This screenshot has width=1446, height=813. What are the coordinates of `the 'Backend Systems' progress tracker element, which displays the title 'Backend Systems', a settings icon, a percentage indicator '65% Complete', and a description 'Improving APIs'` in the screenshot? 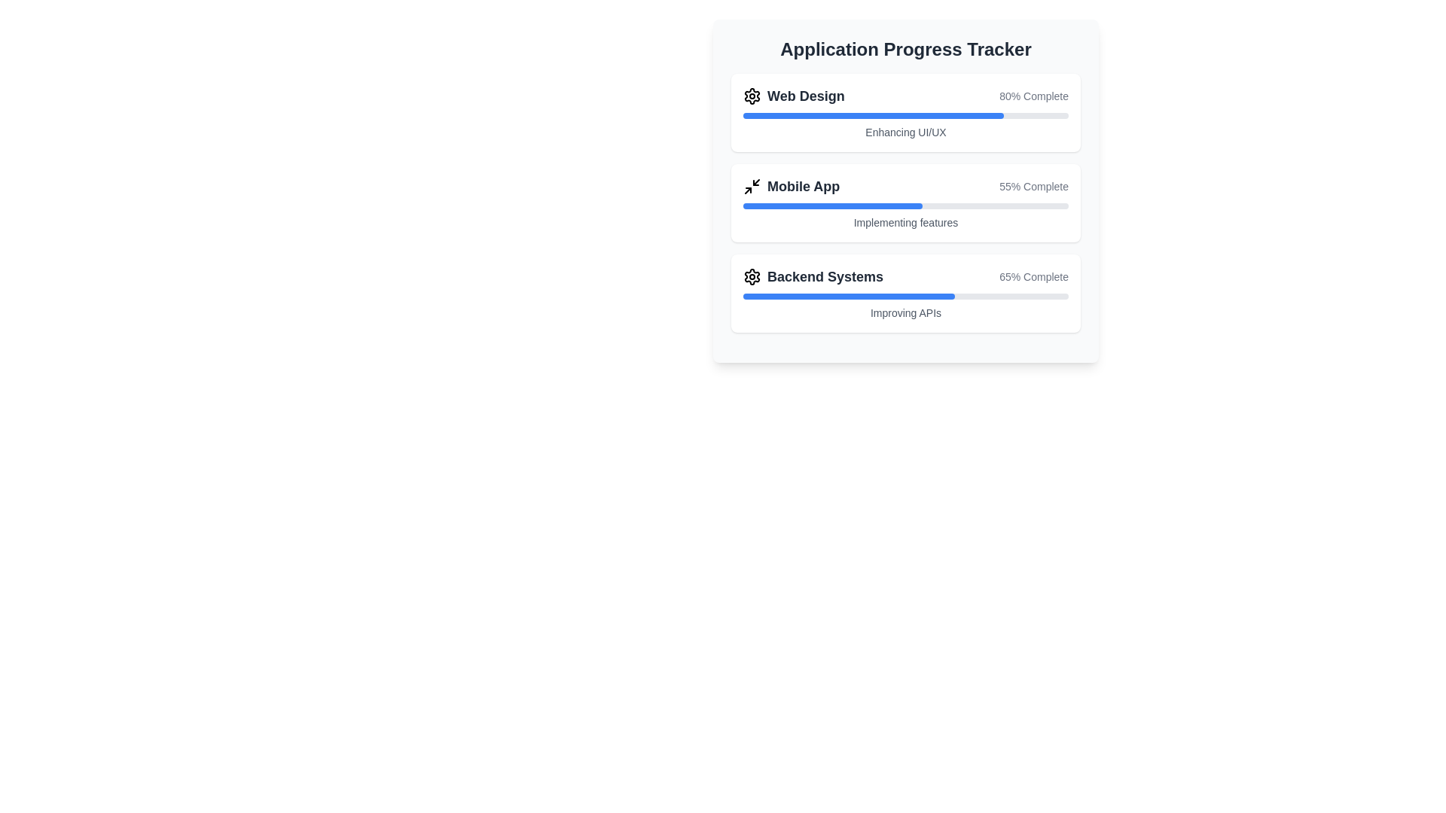 It's located at (905, 293).